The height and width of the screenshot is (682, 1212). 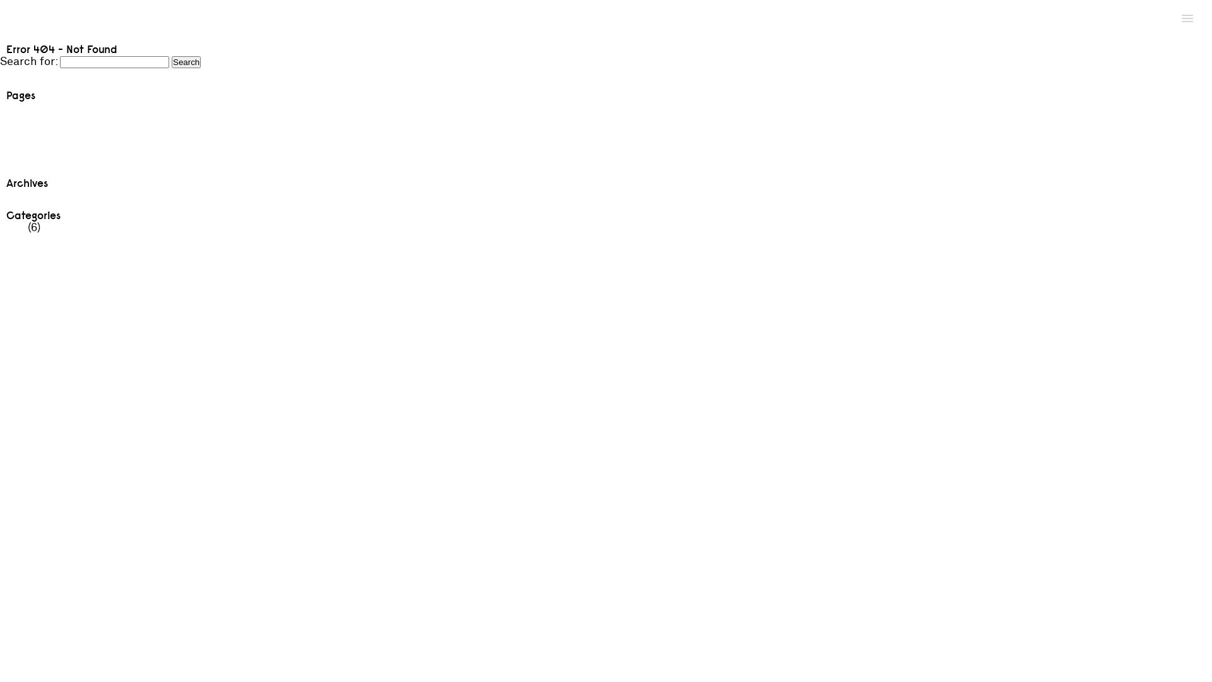 What do you see at coordinates (0, 121) in the screenshot?
I see `'Case'` at bounding box center [0, 121].